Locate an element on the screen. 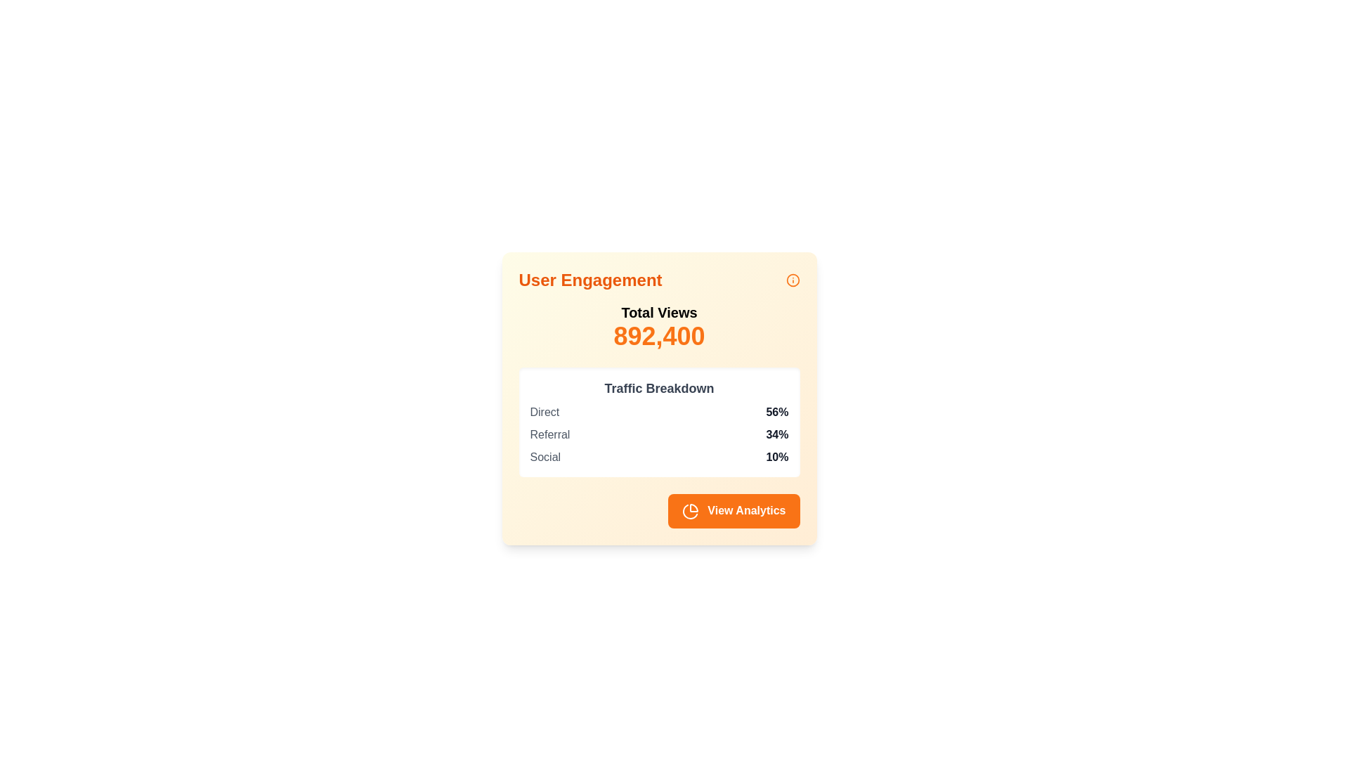  the Text Display element that shows the total number of views, which is visually prominent and located below the 'Total Views' label is located at coordinates (658, 336).